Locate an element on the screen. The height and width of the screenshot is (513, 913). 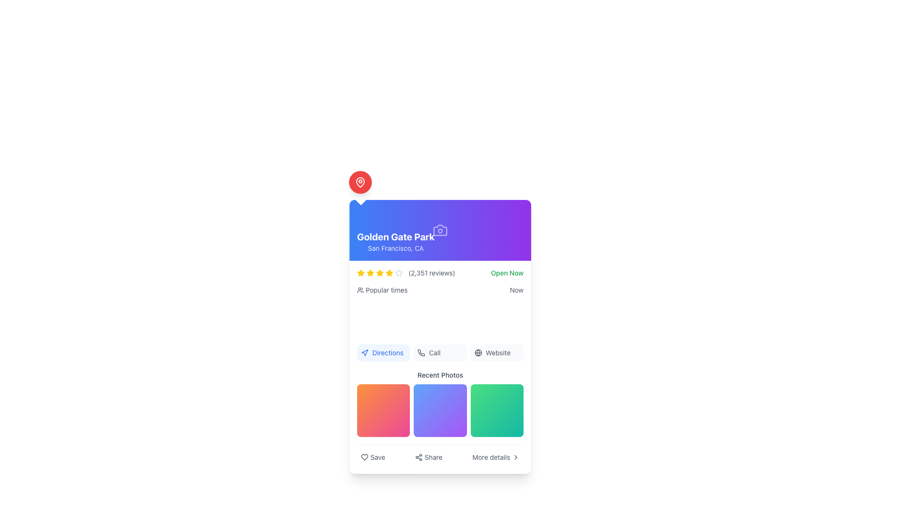
the third yellow star icon in the rating system below the title 'Golden Gate Park' is located at coordinates (379, 273).